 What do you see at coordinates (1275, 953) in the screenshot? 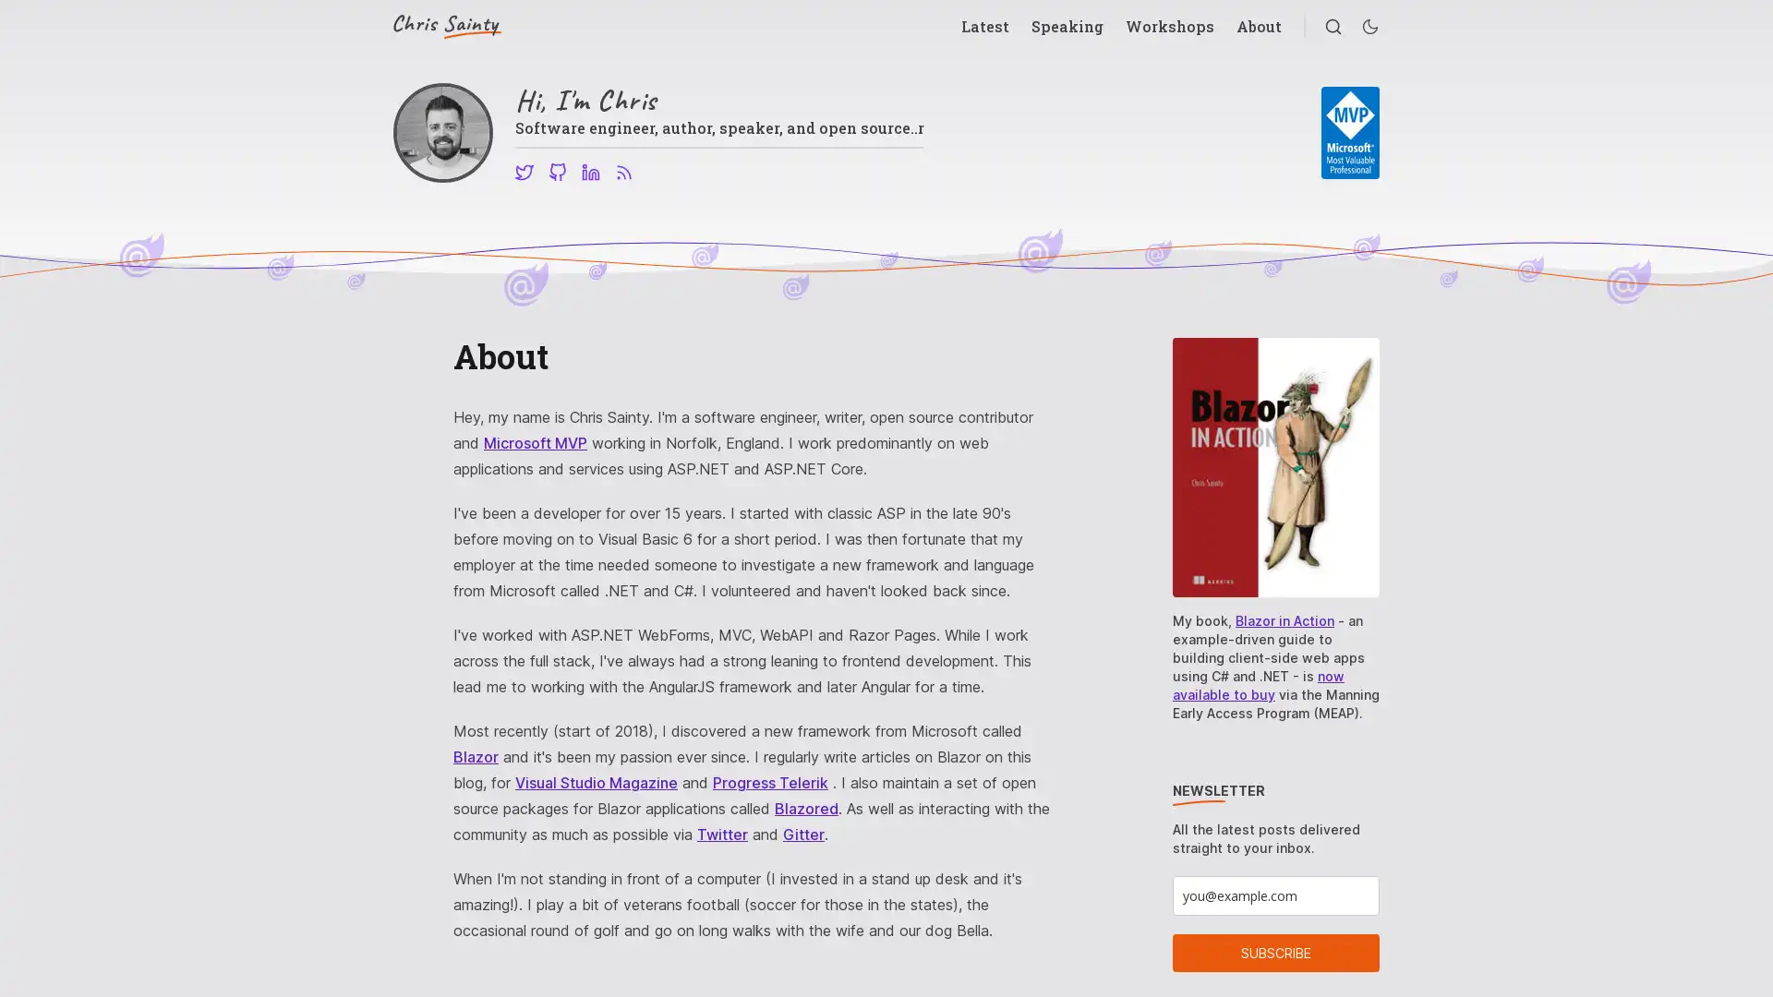
I see `SUBSCRIBE` at bounding box center [1275, 953].